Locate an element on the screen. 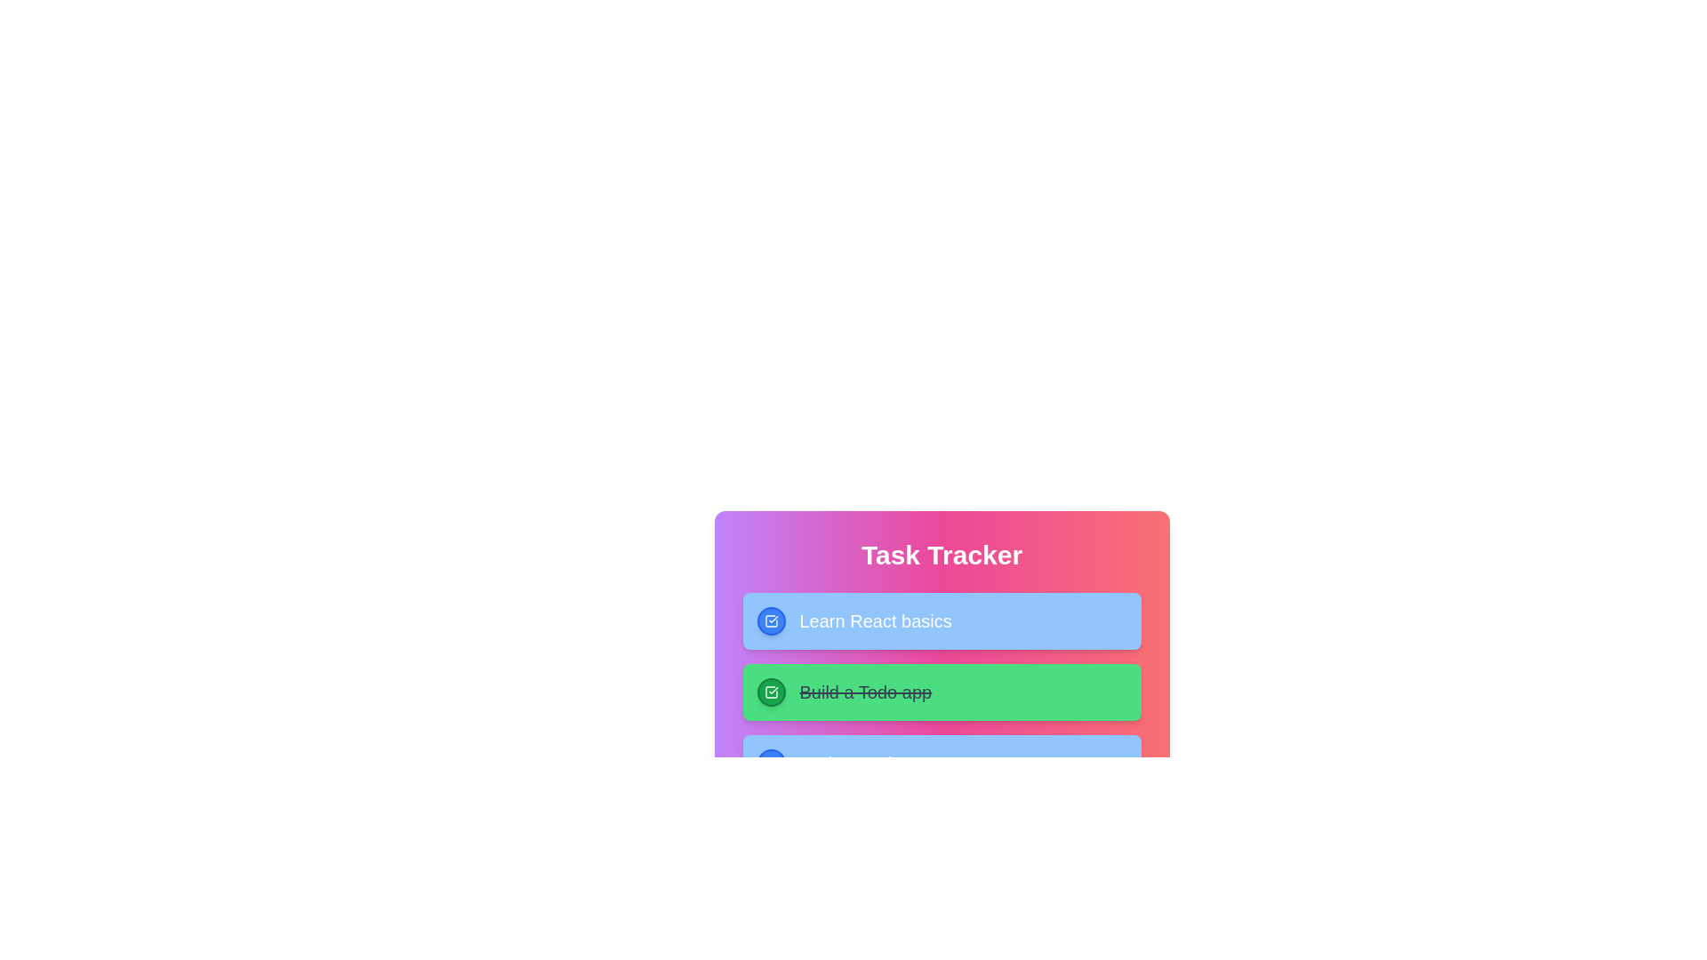  the header text 'Task Tracker' is located at coordinates (941, 554).